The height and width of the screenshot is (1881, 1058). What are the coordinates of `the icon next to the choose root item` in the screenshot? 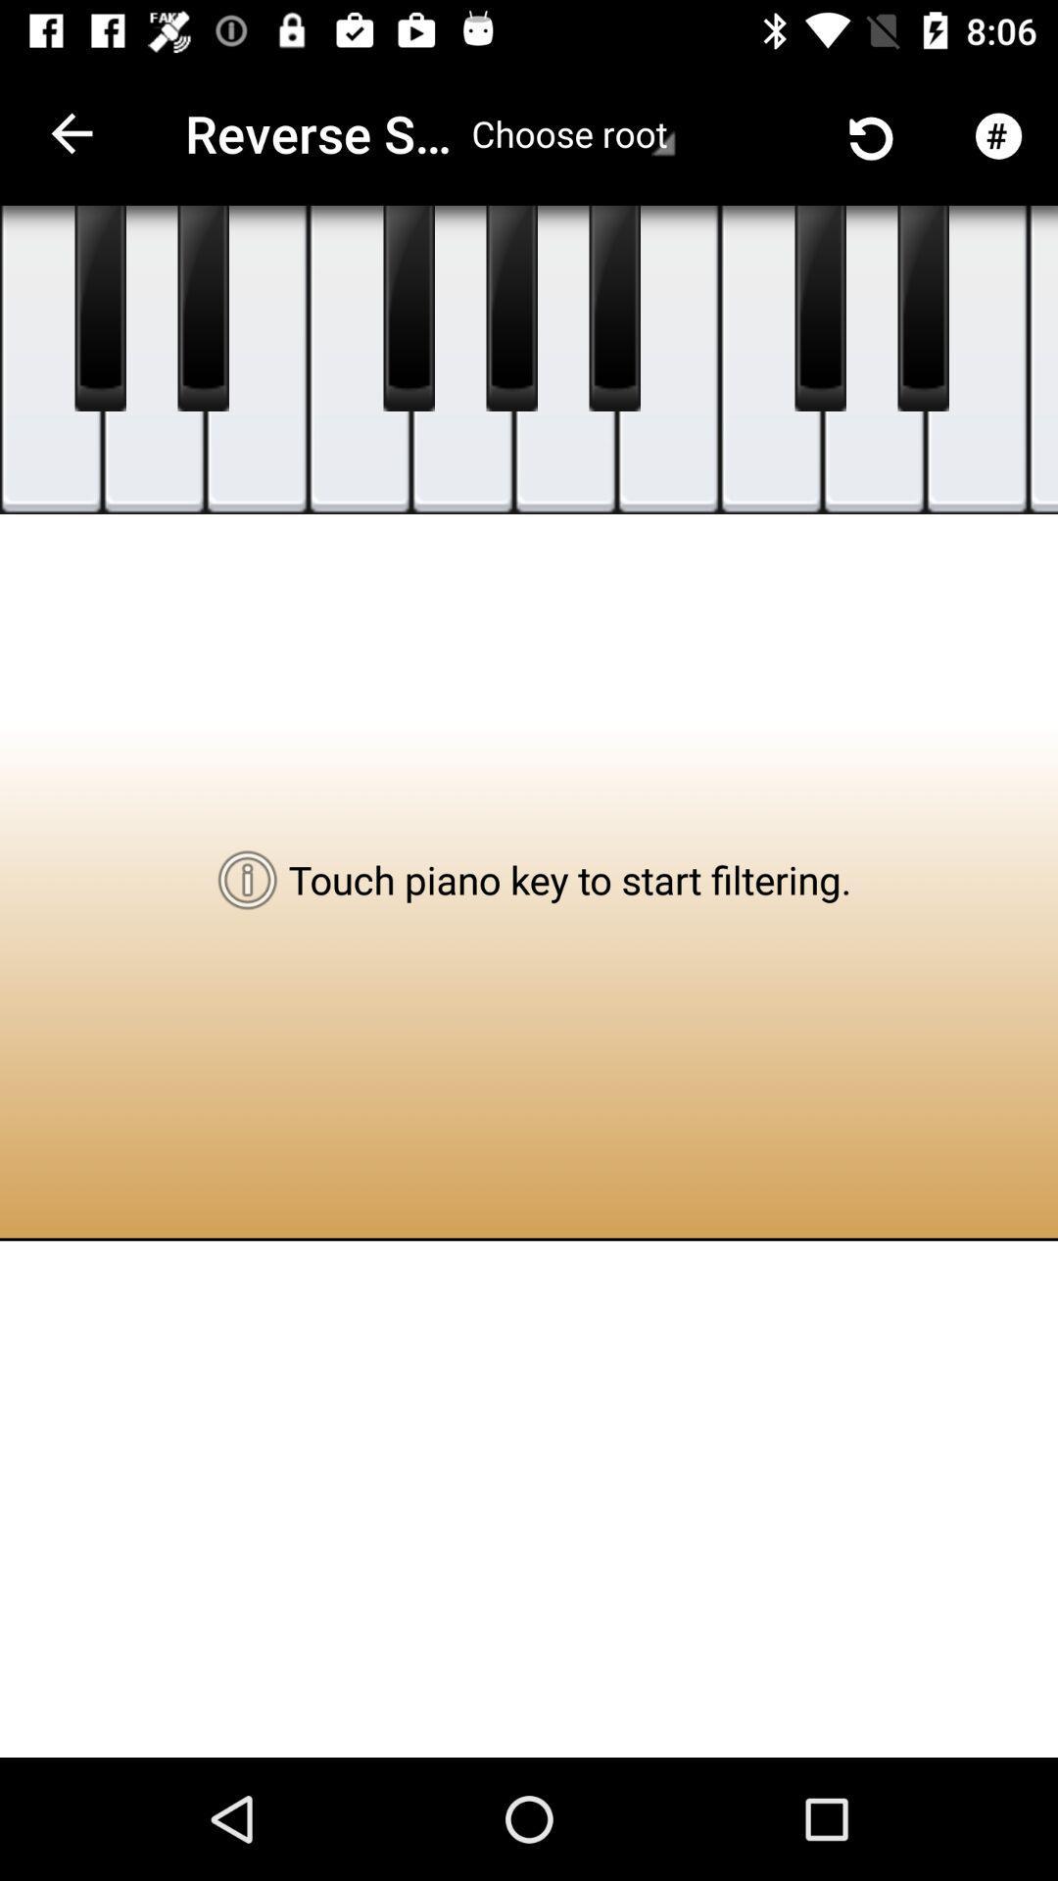 It's located at (748, 132).